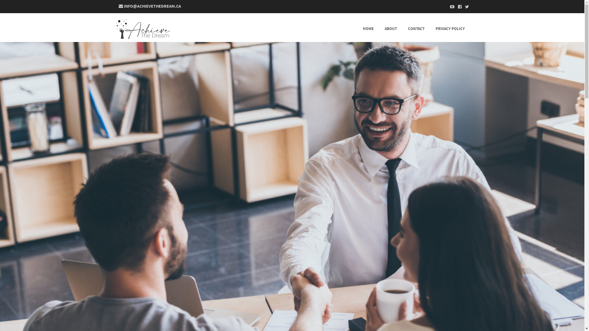 Image resolution: width=589 pixels, height=331 pixels. Describe the element at coordinates (458, 7) in the screenshot. I see `'Facebook'` at that location.